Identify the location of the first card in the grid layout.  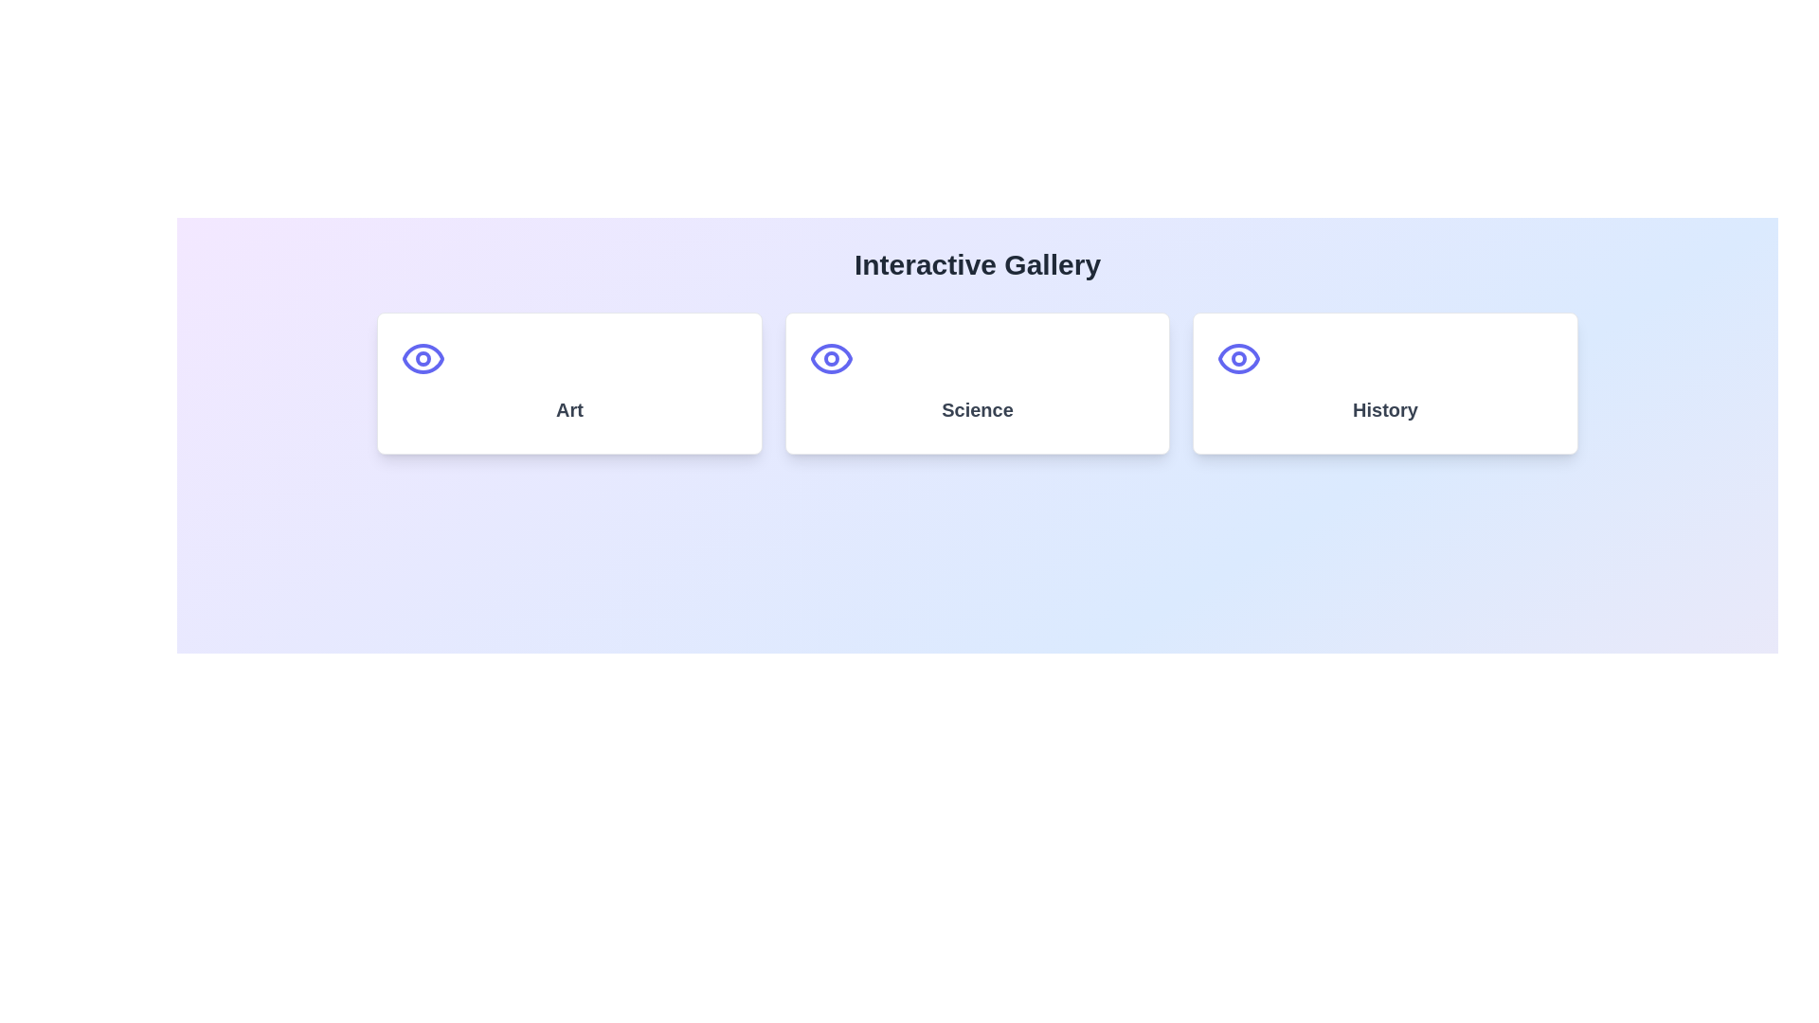
(568, 384).